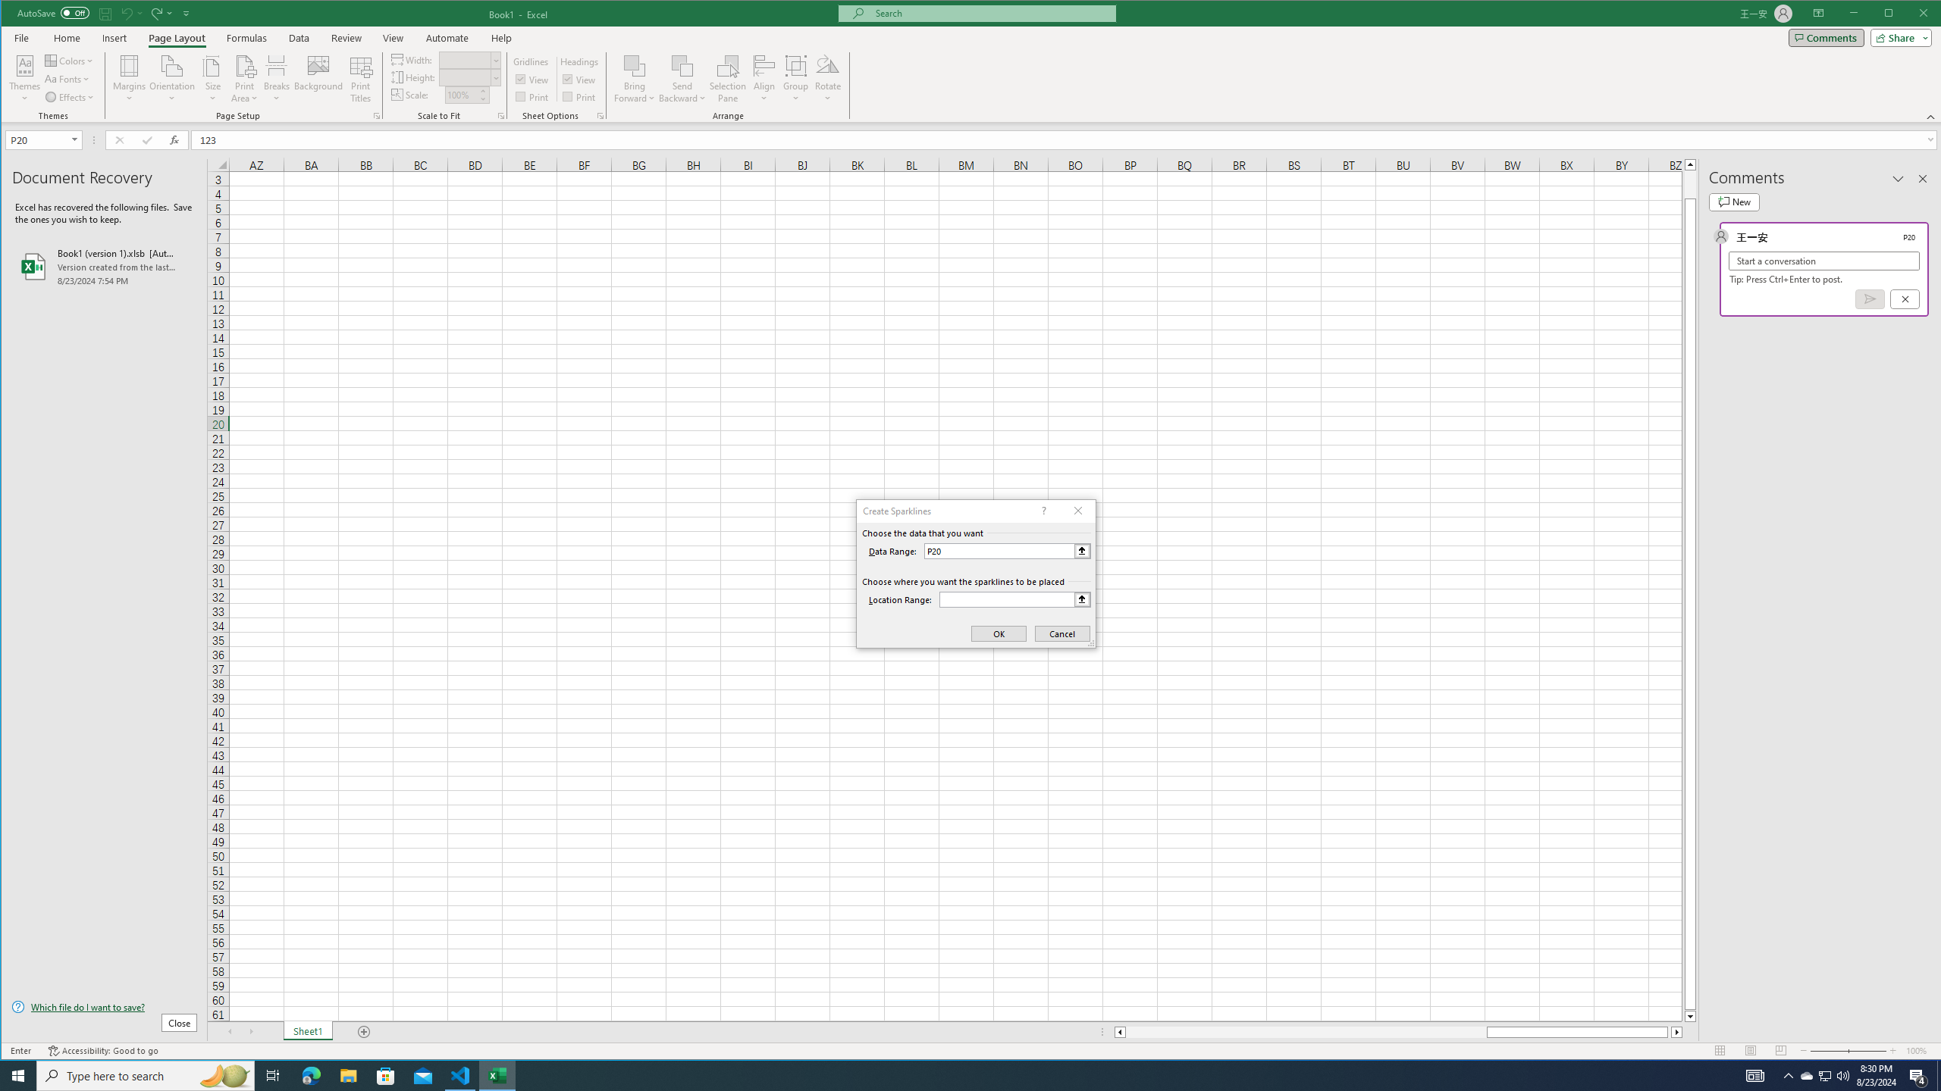  I want to click on 'Send Backward', so click(682, 78).